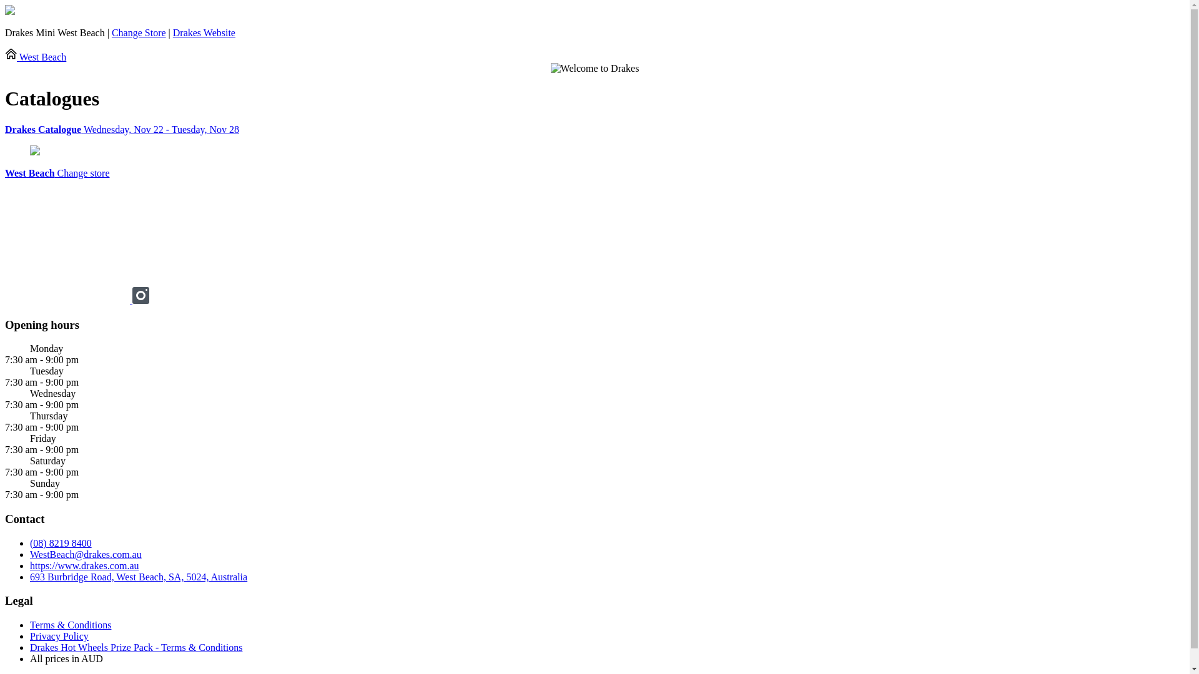 This screenshot has height=674, width=1199. What do you see at coordinates (204, 32) in the screenshot?
I see `'Drakes Website'` at bounding box center [204, 32].